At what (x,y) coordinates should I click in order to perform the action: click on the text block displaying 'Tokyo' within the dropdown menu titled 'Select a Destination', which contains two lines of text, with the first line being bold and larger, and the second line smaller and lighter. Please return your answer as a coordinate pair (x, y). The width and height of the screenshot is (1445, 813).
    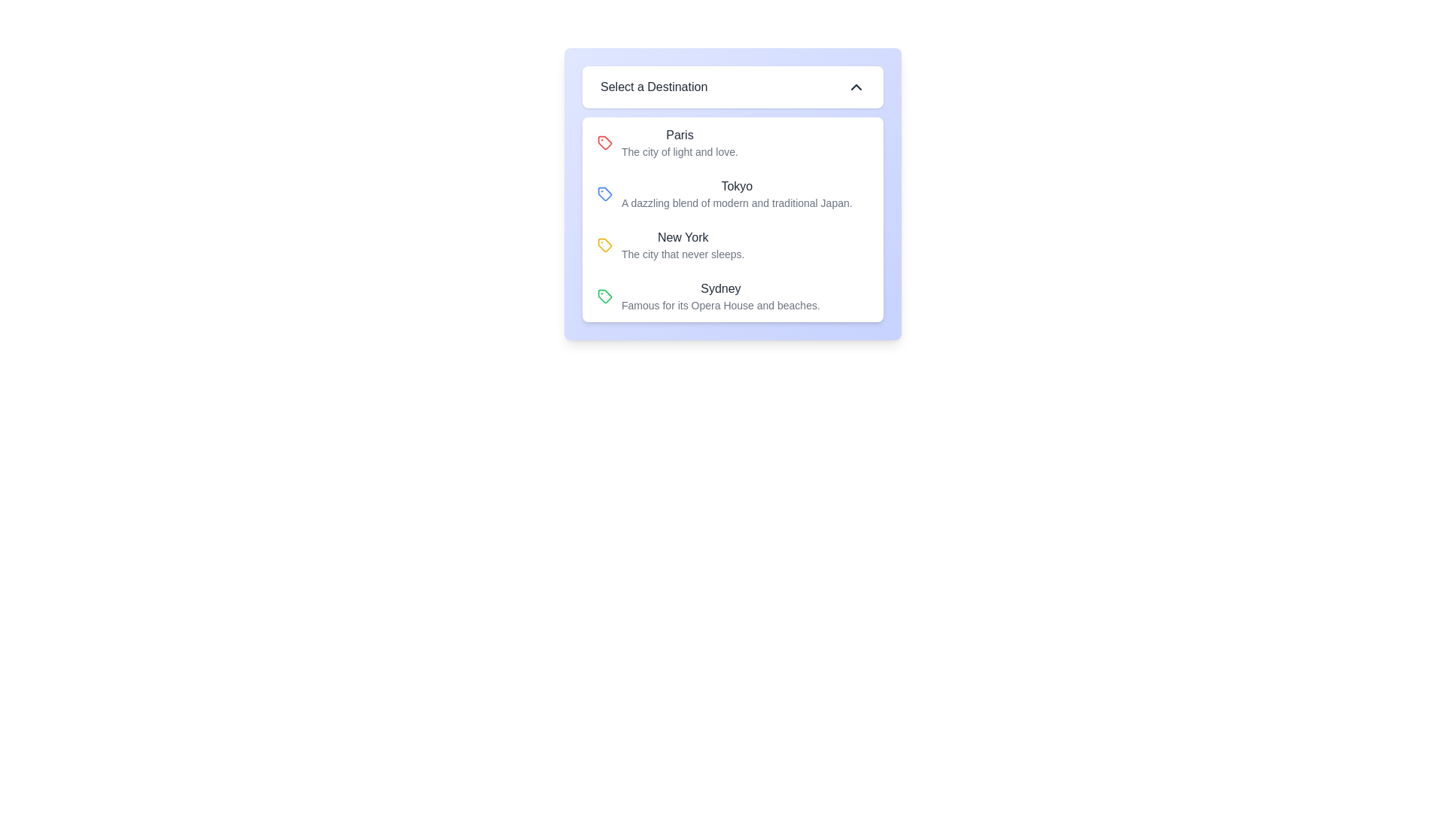
    Looking at the image, I should click on (737, 193).